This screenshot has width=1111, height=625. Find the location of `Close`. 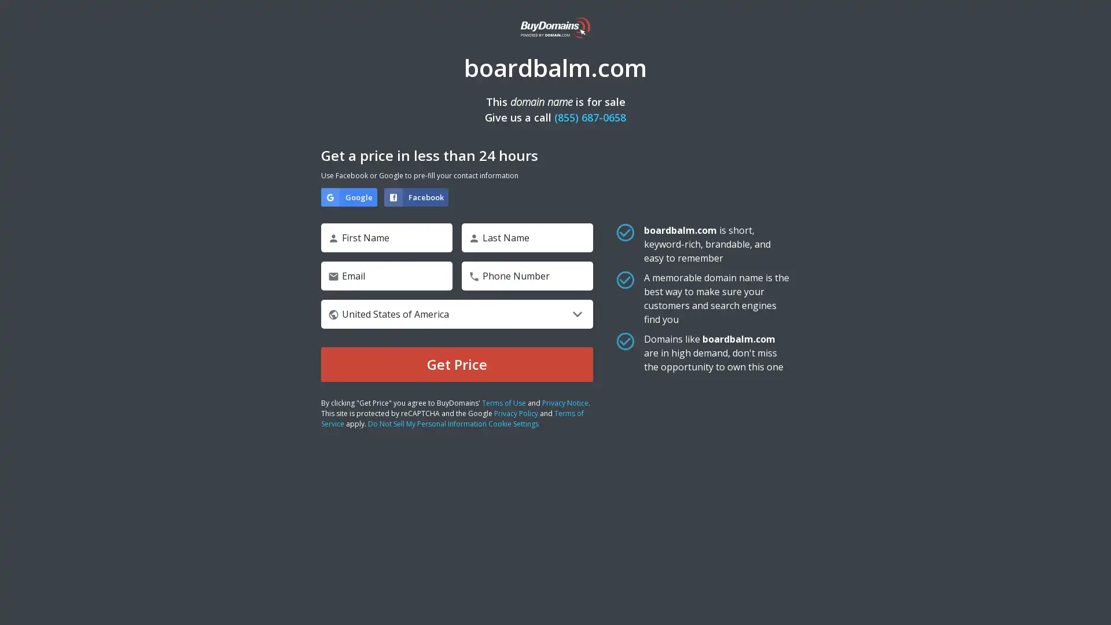

Close is located at coordinates (211, 433).